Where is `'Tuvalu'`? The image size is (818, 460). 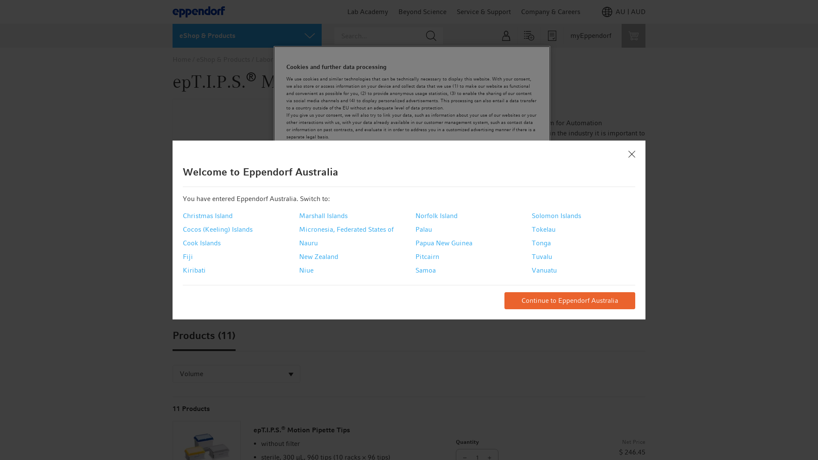
'Tuvalu' is located at coordinates (541, 256).